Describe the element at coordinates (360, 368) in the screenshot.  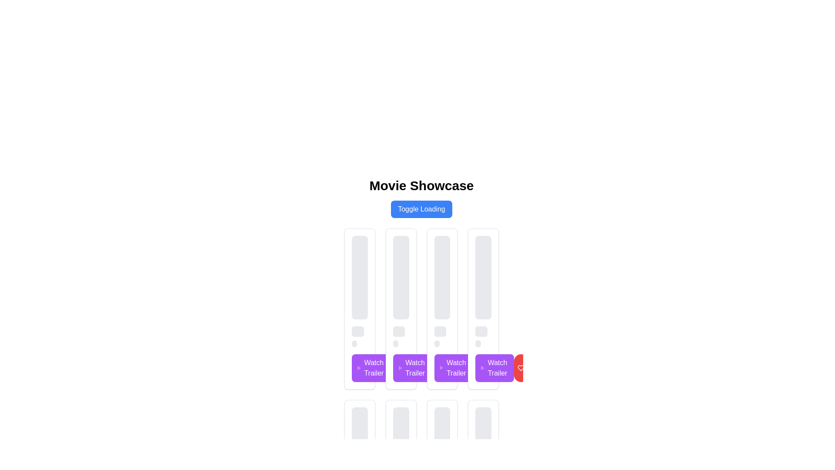
I see `the button located at the bottom-right corner of the first card in the 'Movie Showcase' section to play the trailer` at that location.